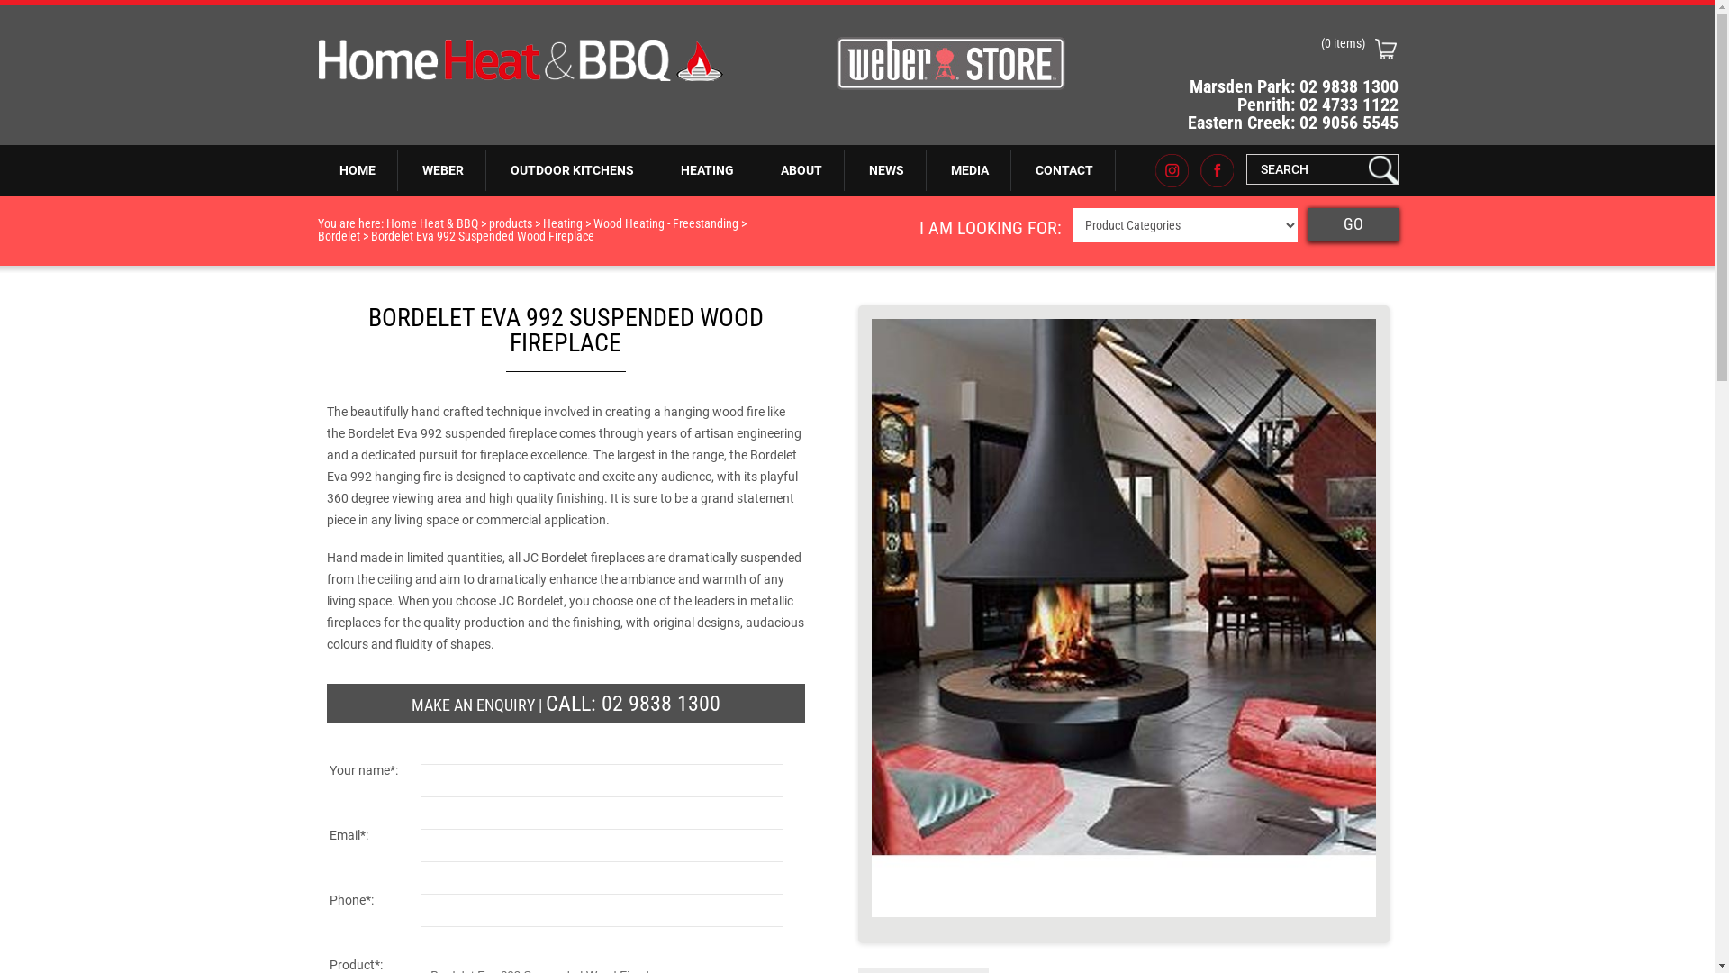  I want to click on 'GO', so click(1353, 223).